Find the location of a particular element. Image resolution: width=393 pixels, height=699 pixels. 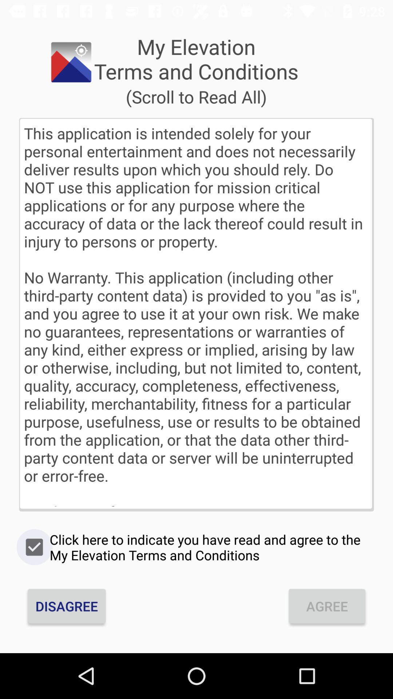

click here to icon is located at coordinates (196, 547).